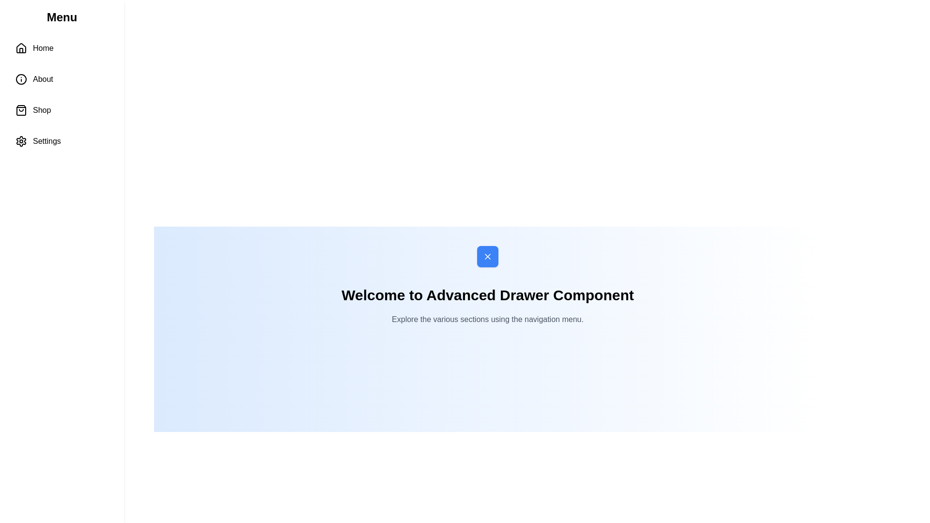 The width and height of the screenshot is (930, 523). I want to click on the bold, large-sized, black-colored text that says 'Menu', which is positioned at the top left of the sidebar, serving as a title for the navigation menu, so click(62, 17).